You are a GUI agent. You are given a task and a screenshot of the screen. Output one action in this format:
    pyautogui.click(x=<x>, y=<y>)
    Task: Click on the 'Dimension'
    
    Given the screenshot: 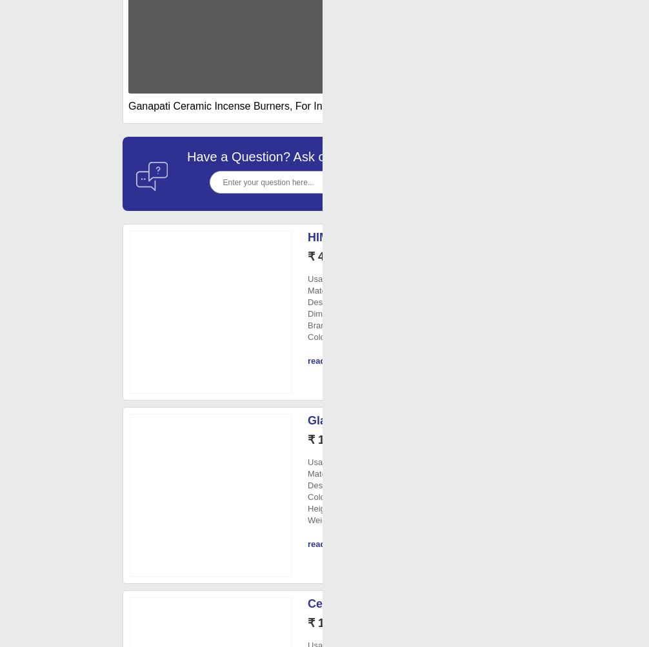 What is the action you would take?
    pyautogui.click(x=327, y=314)
    